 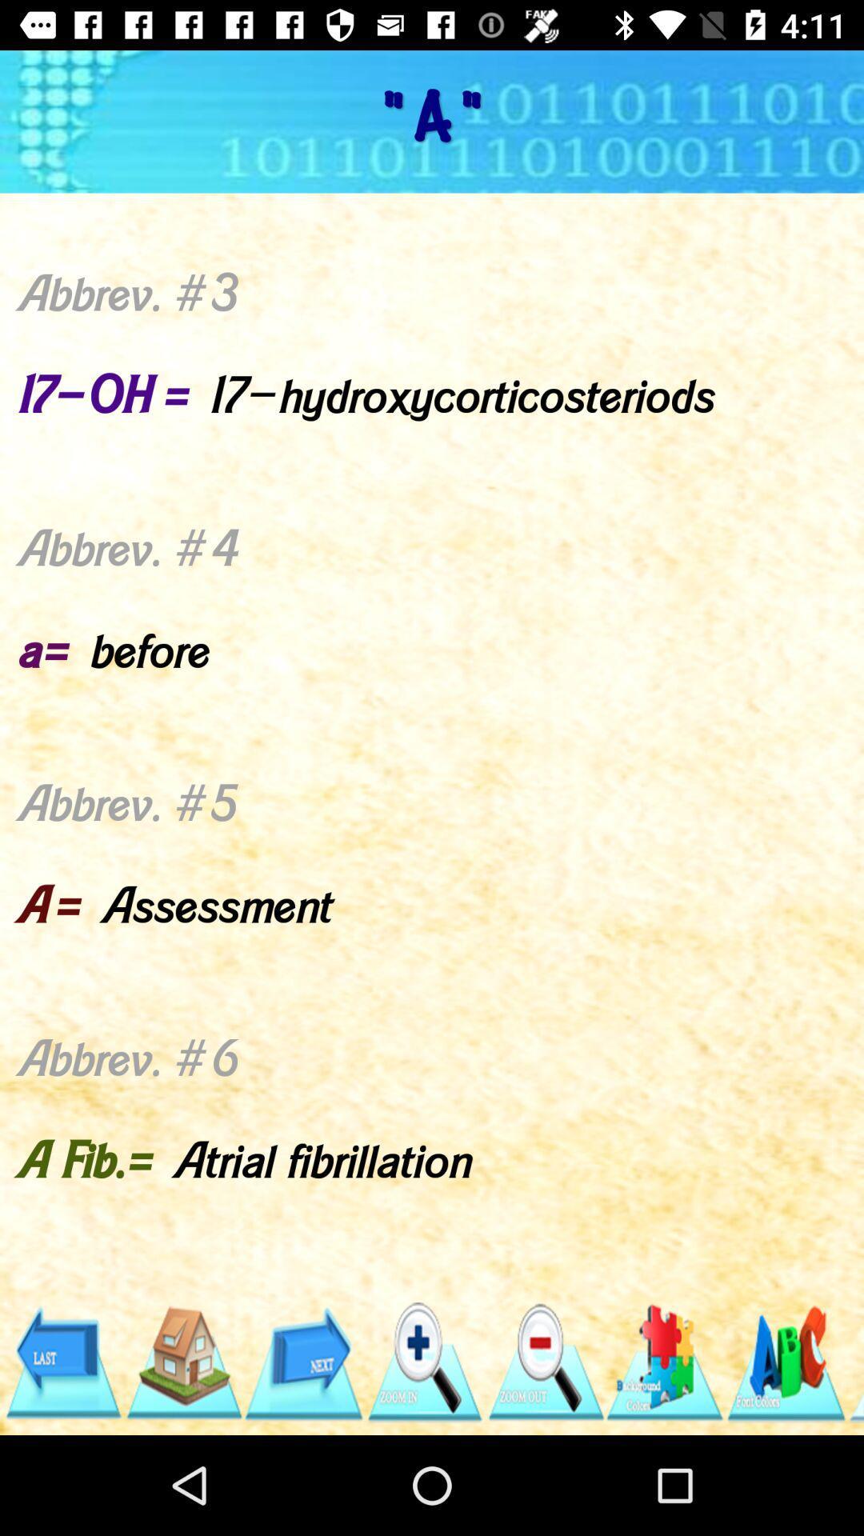 I want to click on the item below abbrev 	1	 	 item, so click(x=785, y=1362).